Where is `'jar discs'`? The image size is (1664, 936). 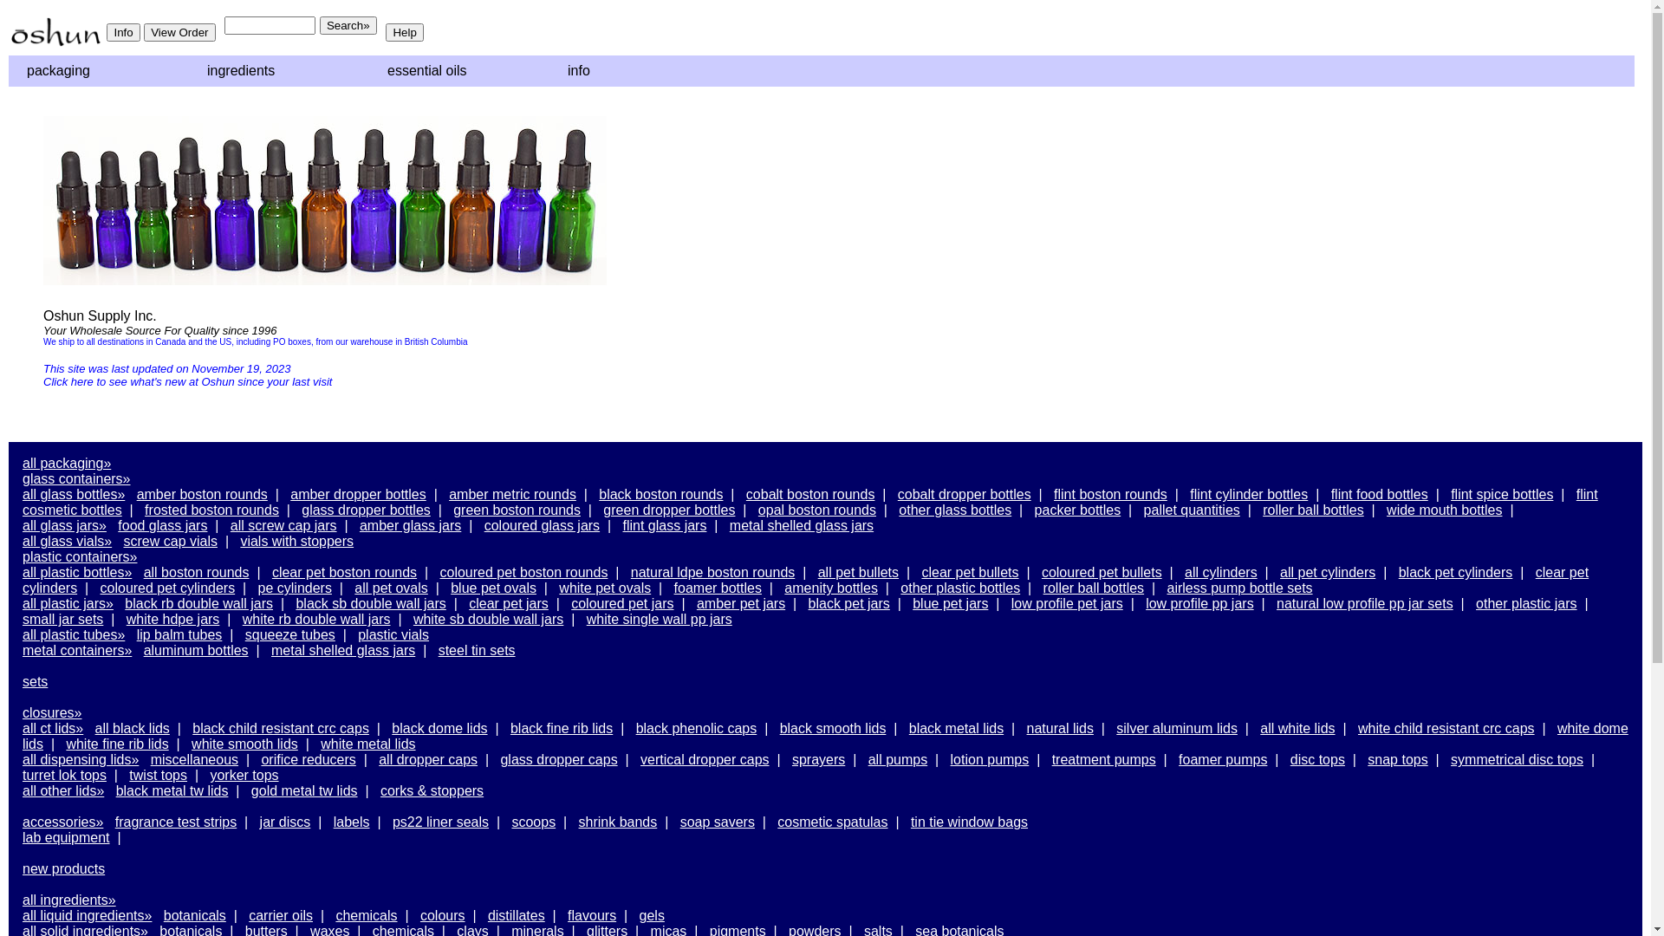 'jar discs' is located at coordinates (285, 821).